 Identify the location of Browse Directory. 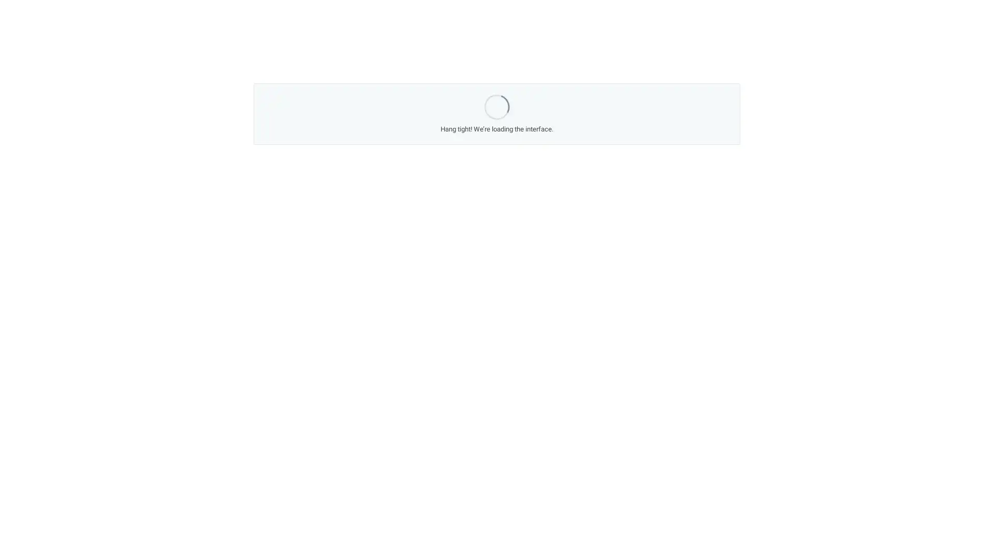
(623, 245).